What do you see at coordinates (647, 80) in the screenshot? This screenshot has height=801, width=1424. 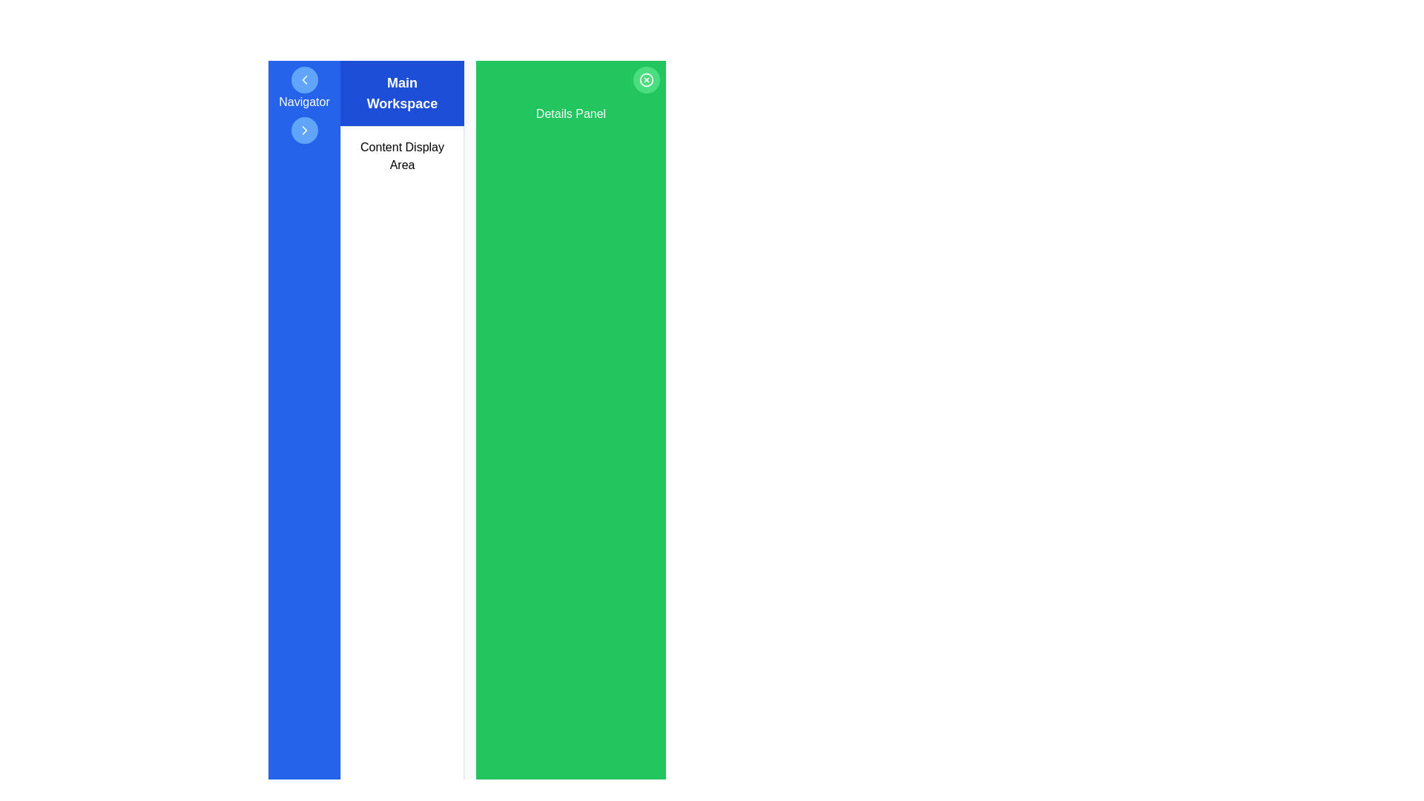 I see `the circular green button with a white border and a white cross symbol inside it located in the top-right corner of the 'Details Panel'` at bounding box center [647, 80].